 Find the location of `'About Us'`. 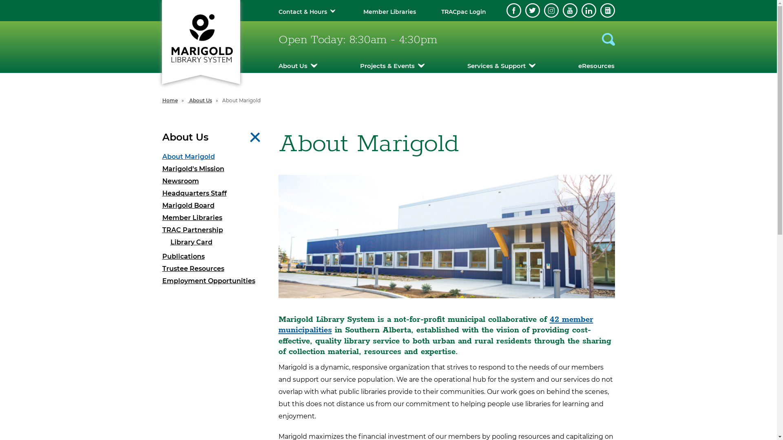

'About Us' is located at coordinates (278, 65).